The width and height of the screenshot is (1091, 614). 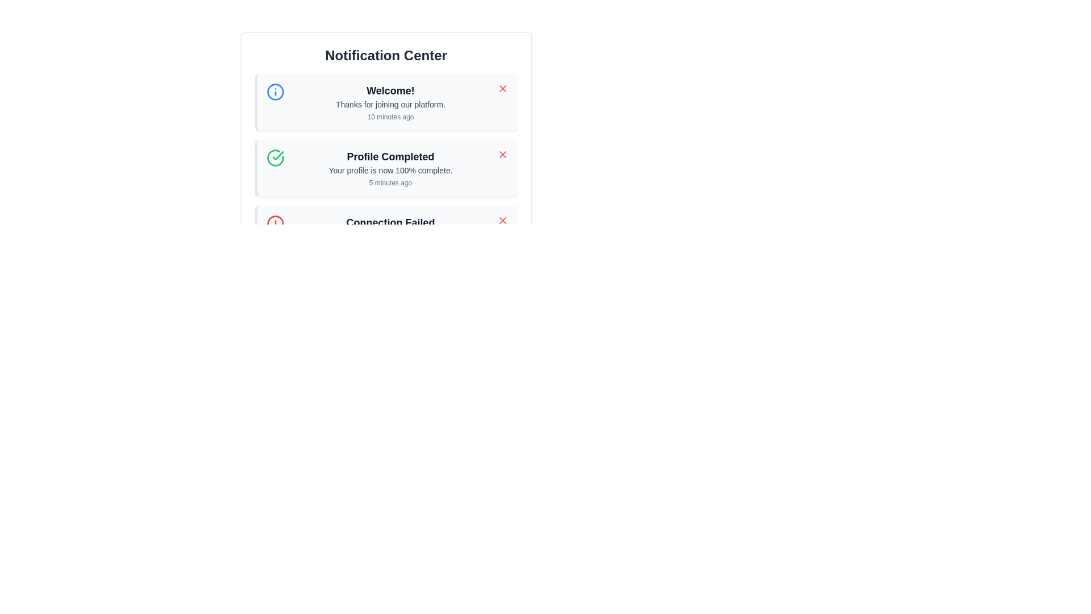 I want to click on the Static Text Label at the top of the notification panel, which serves as a heading providing context for the content, so click(x=386, y=55).